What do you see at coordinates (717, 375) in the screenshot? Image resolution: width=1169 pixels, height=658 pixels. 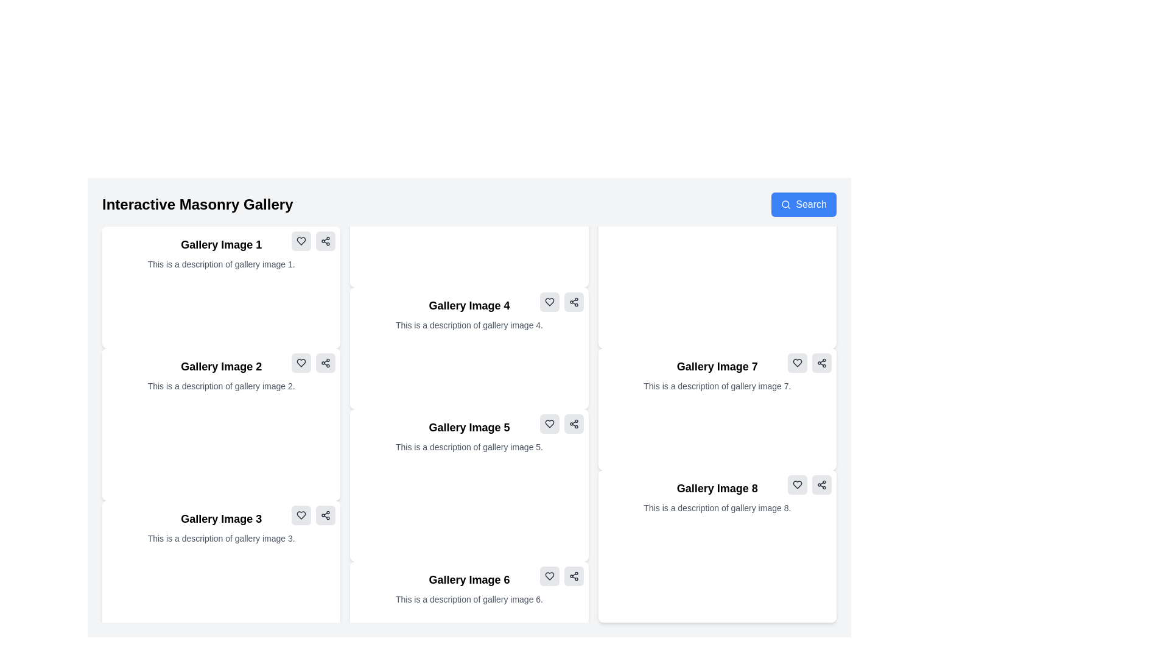 I see `the text block titled 'Gallery Image 7' which includes a description 'This is a description of gallery image 7.'` at bounding box center [717, 375].